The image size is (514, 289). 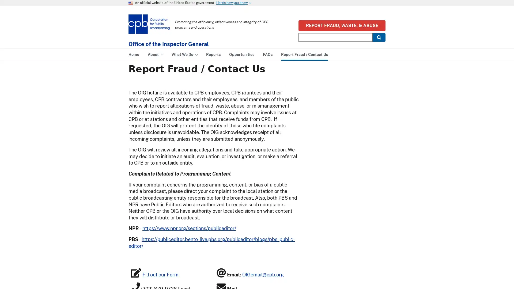 I want to click on REPORT FRAUD, WASTE, & ABUSE, so click(x=342, y=25).